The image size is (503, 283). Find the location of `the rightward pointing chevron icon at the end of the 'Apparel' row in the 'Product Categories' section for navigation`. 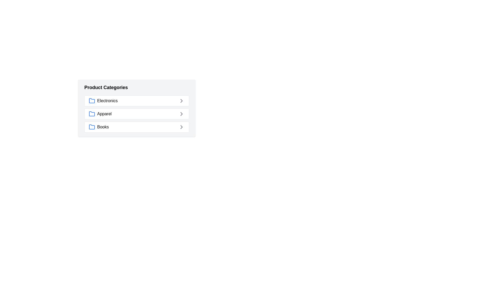

the rightward pointing chevron icon at the end of the 'Apparel' row in the 'Product Categories' section for navigation is located at coordinates (181, 114).